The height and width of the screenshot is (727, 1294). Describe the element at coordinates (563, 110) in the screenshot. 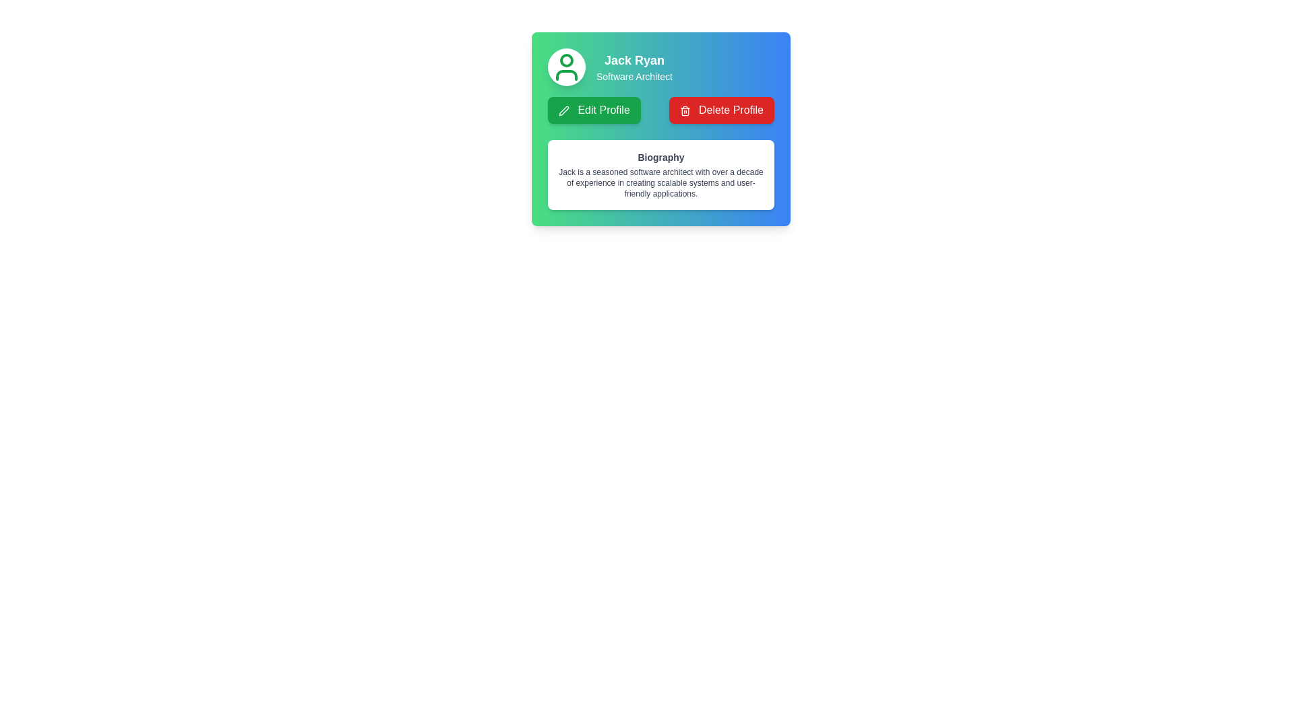

I see `the decorative icon for the 'Edit Profile' button, which is located to the left of the text label within the green button in the header card component` at that location.